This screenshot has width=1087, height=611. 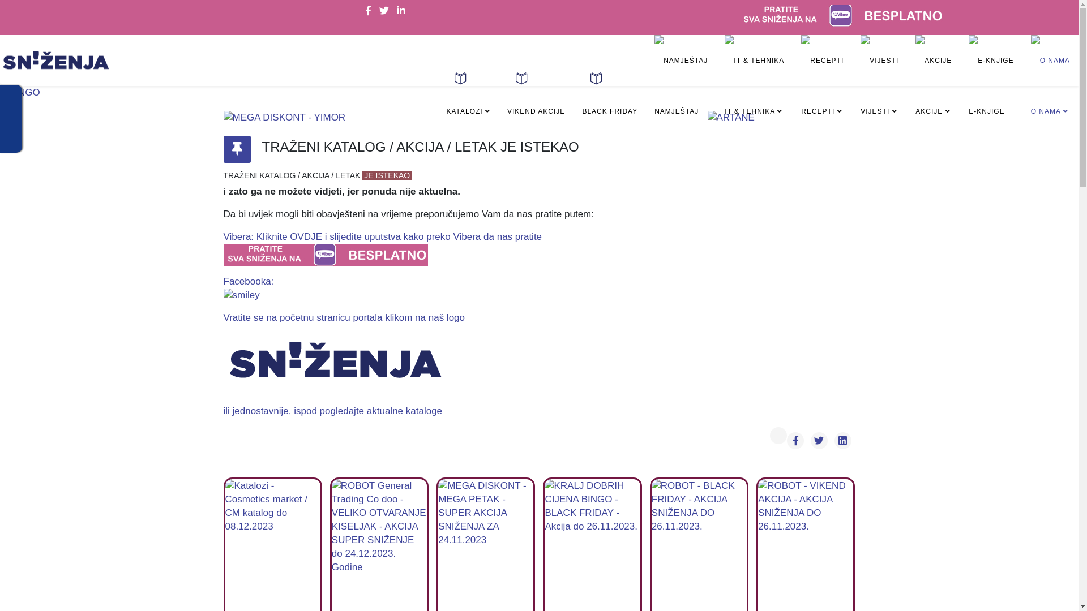 What do you see at coordinates (754, 85) in the screenshot?
I see `'IT & TEHNIKA'` at bounding box center [754, 85].